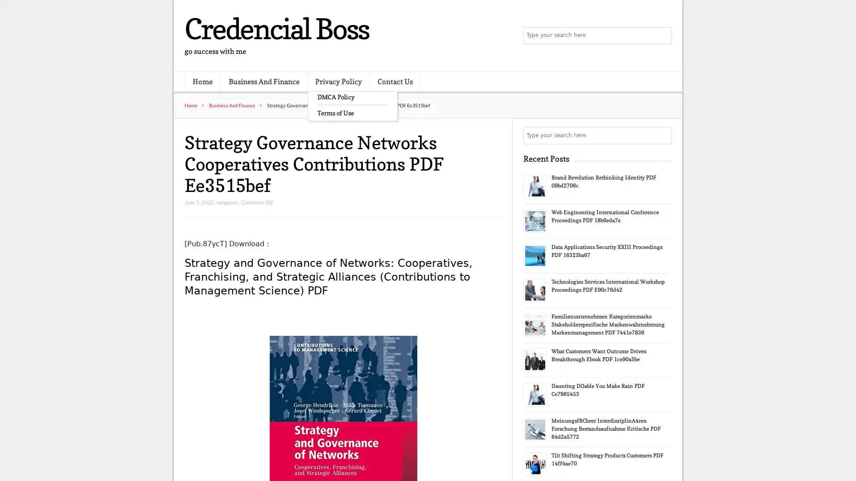  I want to click on Search, so click(662, 135).